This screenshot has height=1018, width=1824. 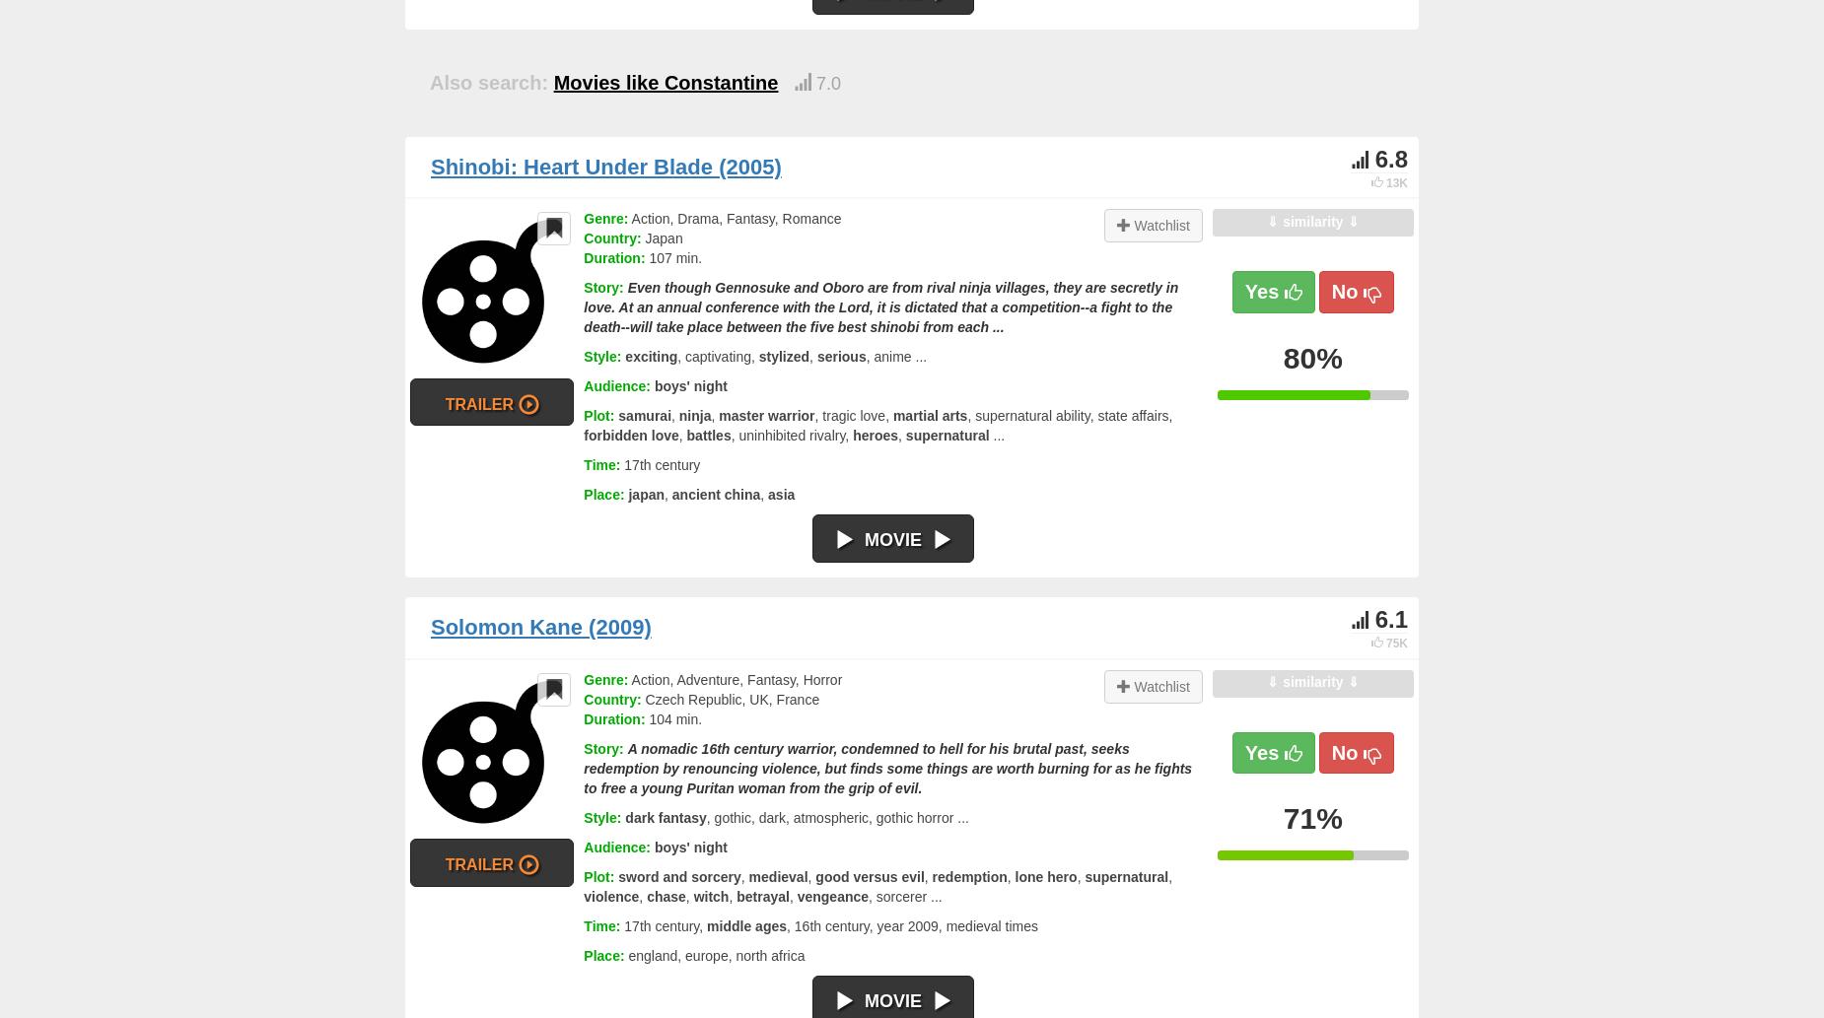 What do you see at coordinates (1390, 618) in the screenshot?
I see `'6.1'` at bounding box center [1390, 618].